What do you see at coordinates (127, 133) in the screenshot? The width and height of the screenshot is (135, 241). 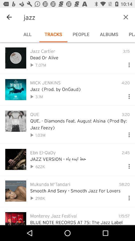 I see `see other details for this song` at bounding box center [127, 133].